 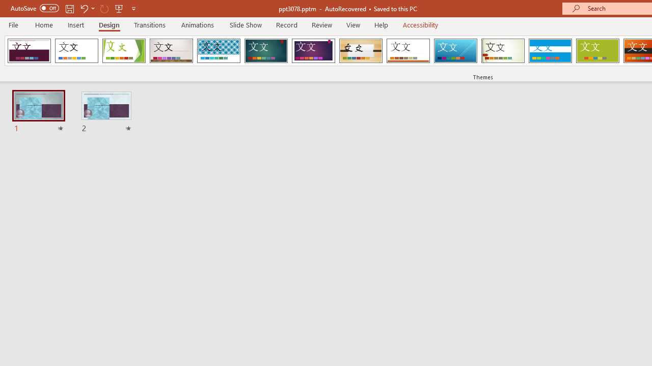 What do you see at coordinates (123, 51) in the screenshot?
I see `'Facet'` at bounding box center [123, 51].